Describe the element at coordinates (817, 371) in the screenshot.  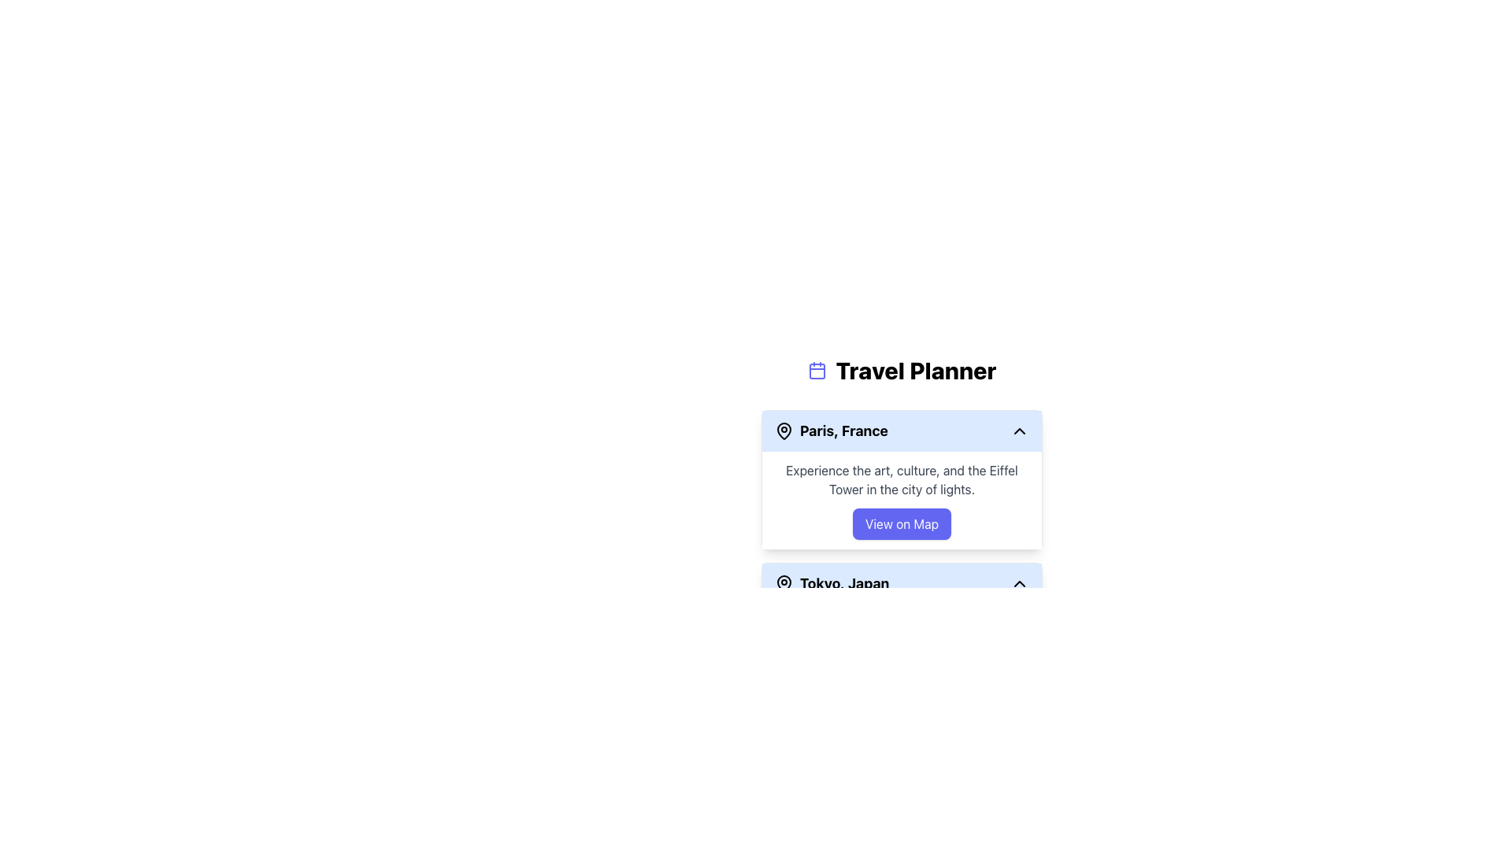
I see `small rectangular SVG element that forms the core structure of the calendar icon by clicking on its center` at that location.